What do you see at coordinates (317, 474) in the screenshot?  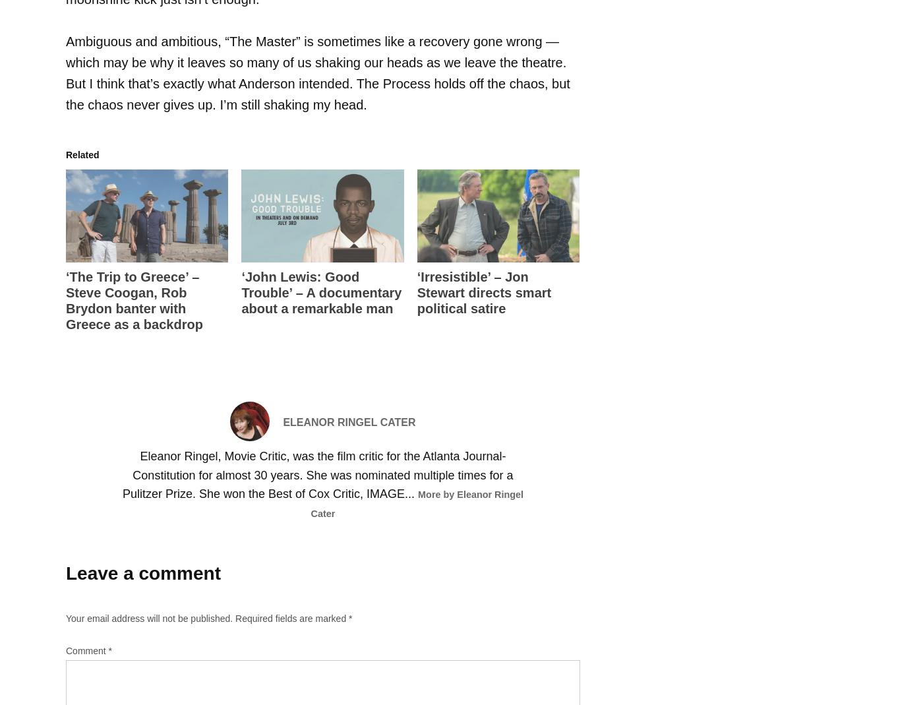 I see `'Eleanor Ringel, Movie Critic, was the film critic for the Atlanta Journal-Constitution for almost 30 years. She was nominated multiple times for a Pulitzer Prize. She won the Best of Cox Critic, IMAGE...'` at bounding box center [317, 474].